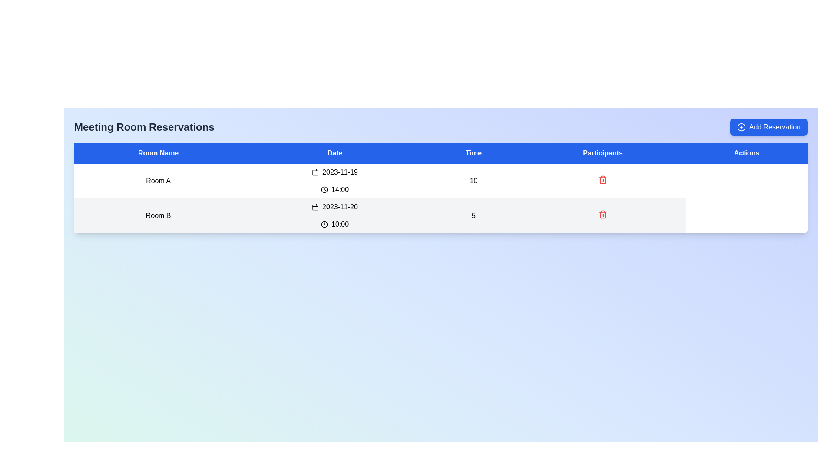 This screenshot has height=469, width=834. I want to click on text from the 'Participants' table header, which is a blue button-like component with white capitalized text, located in the fourth column of the header row, so click(602, 153).